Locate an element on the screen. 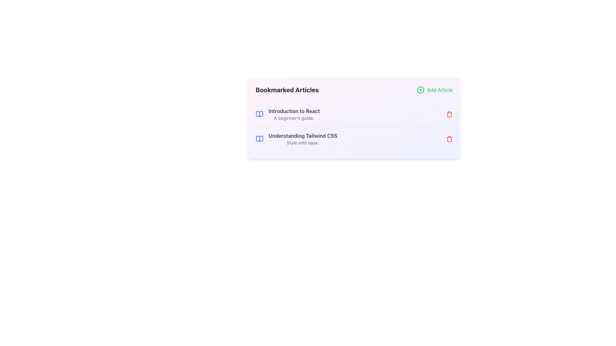 The height and width of the screenshot is (346, 616). the 'Add Article' button located in the top-right corner of the 'Bookmarked Articles' header section is located at coordinates (434, 90).